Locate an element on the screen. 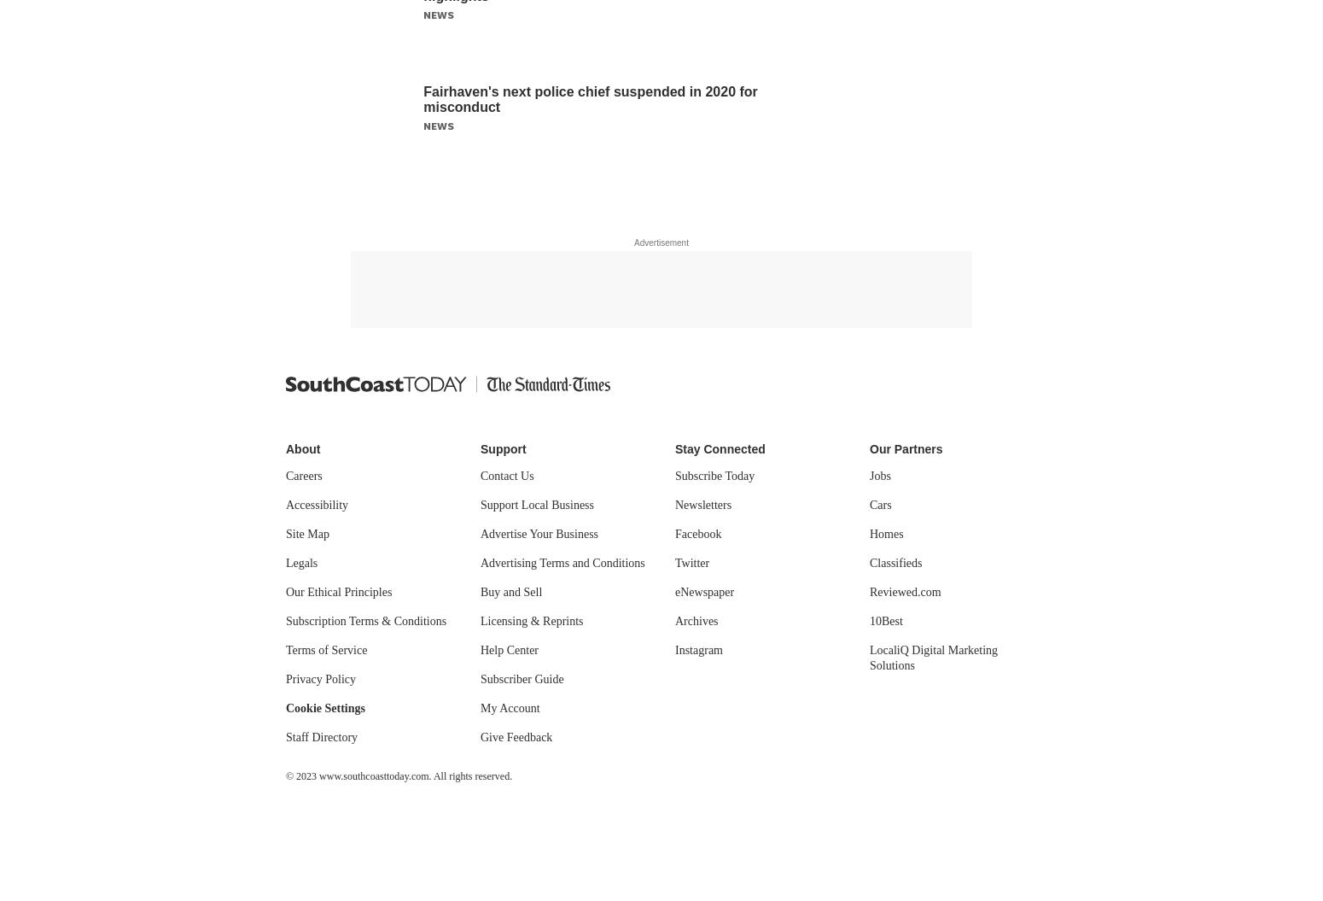  'Staff Directory' is located at coordinates (320, 737).